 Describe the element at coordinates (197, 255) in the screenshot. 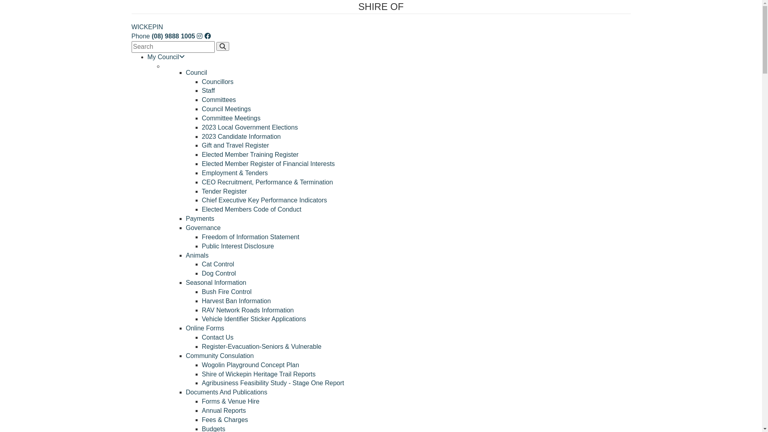

I see `'Animals'` at that location.